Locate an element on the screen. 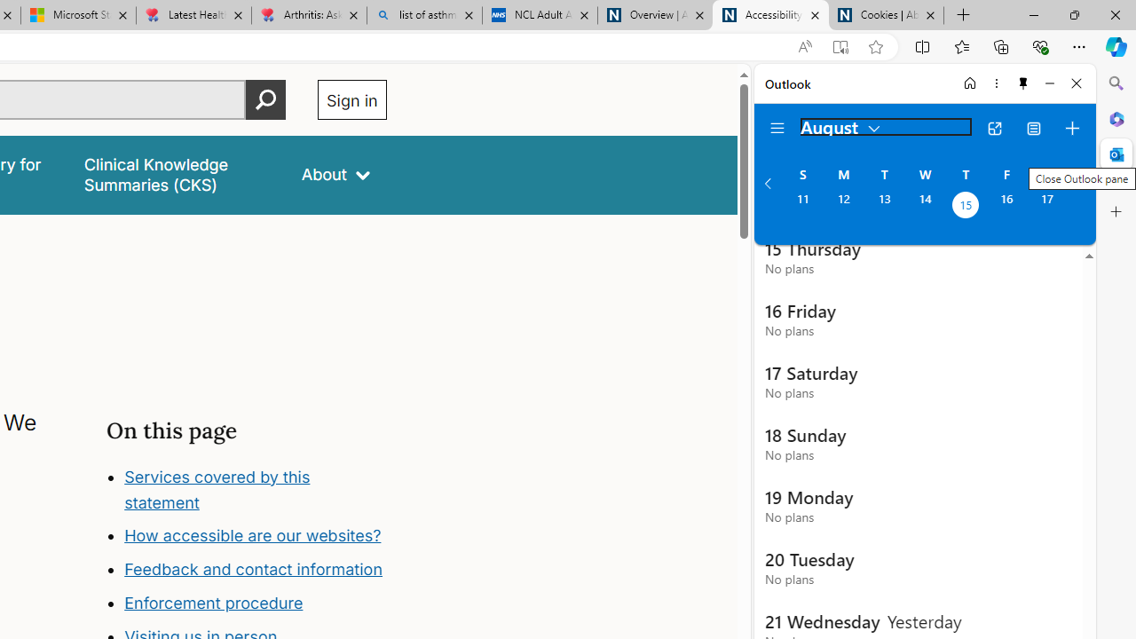 The image size is (1136, 639). 'Open in new tab' is located at coordinates (994, 128).